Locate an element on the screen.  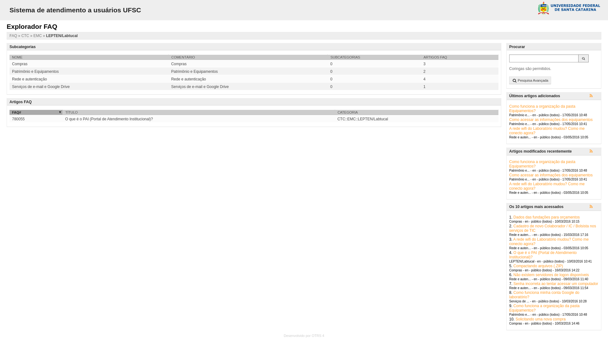
'ARTIGOS FAQ' is located at coordinates (421, 57).